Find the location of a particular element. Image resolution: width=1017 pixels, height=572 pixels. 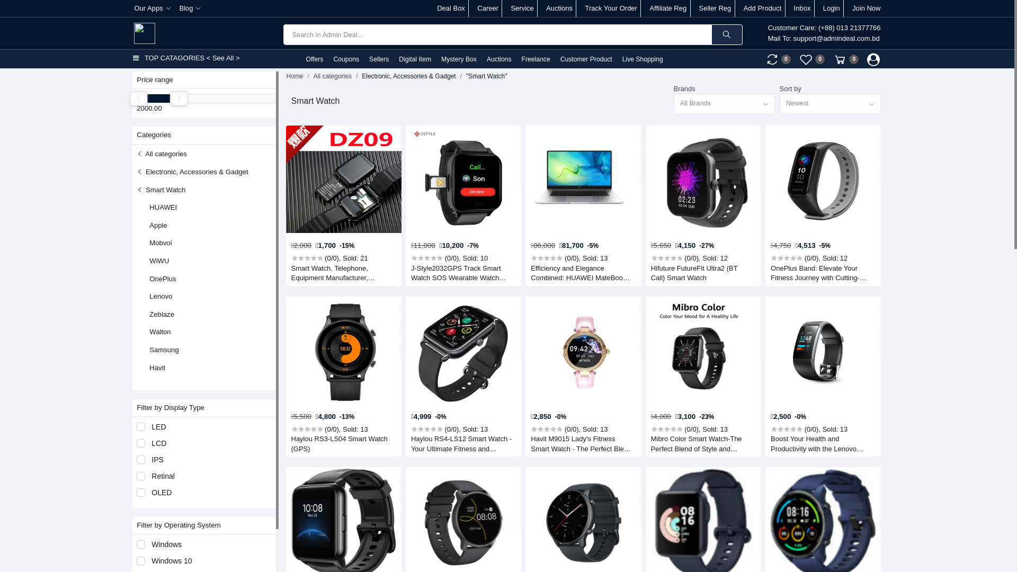

'Home' is located at coordinates (295, 75).